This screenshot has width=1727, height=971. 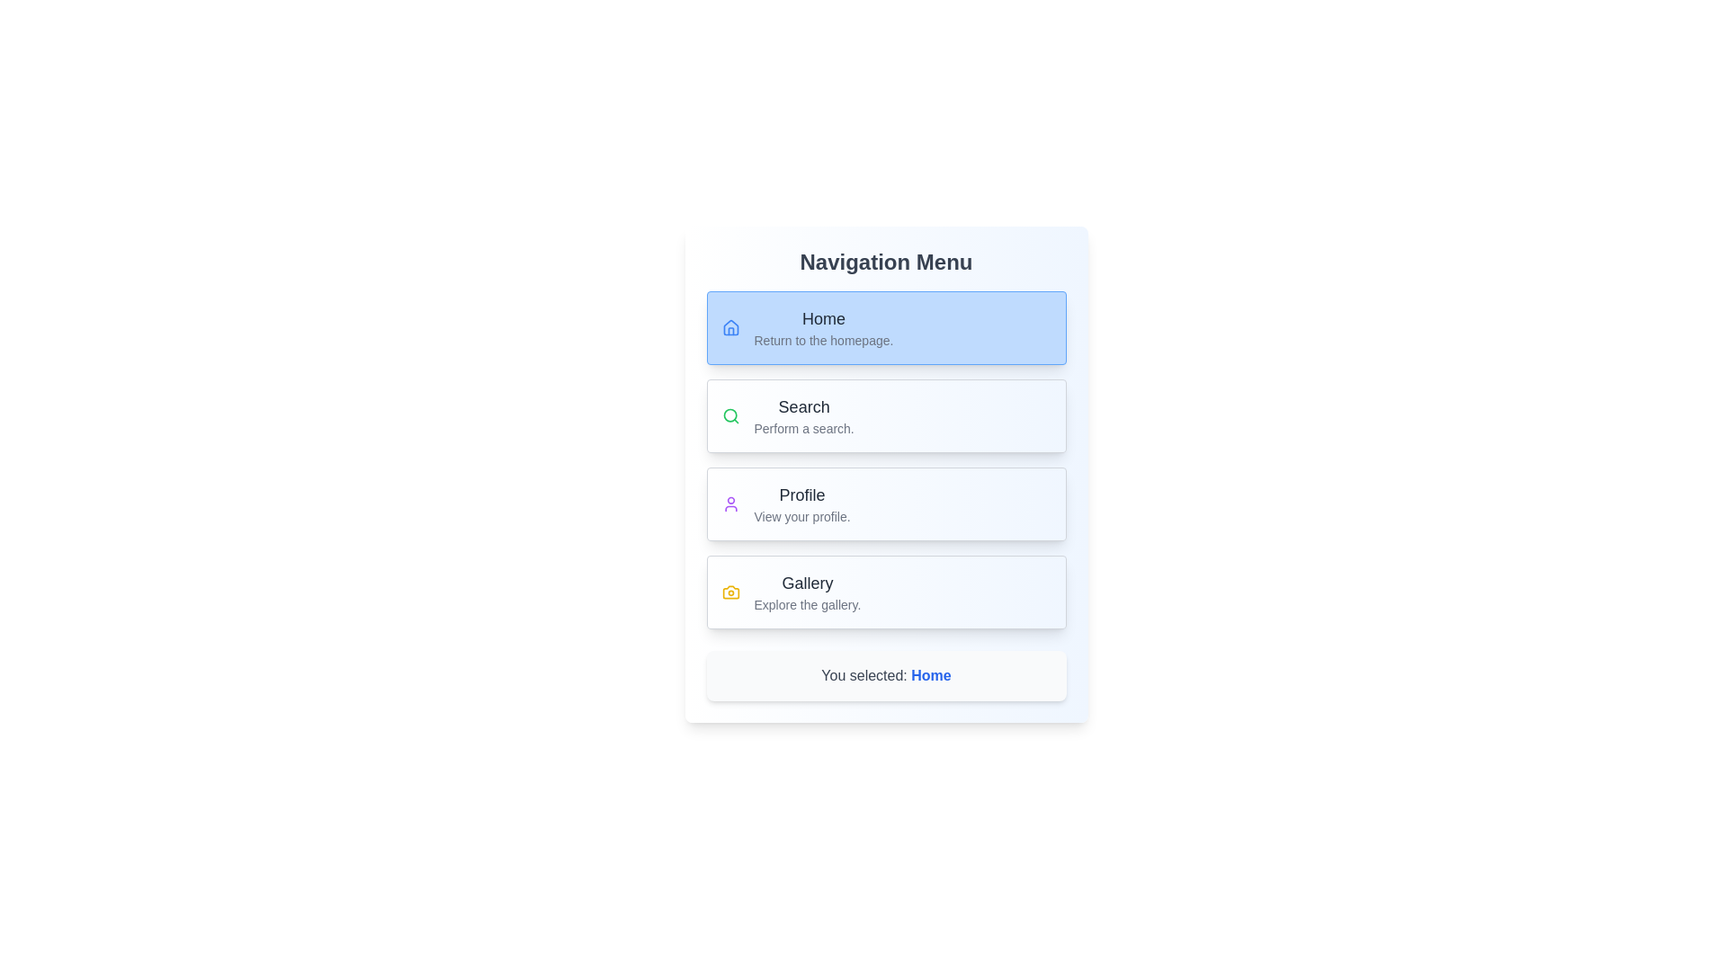 I want to click on the menu item labeled Search to view its hover effect, so click(x=886, y=415).